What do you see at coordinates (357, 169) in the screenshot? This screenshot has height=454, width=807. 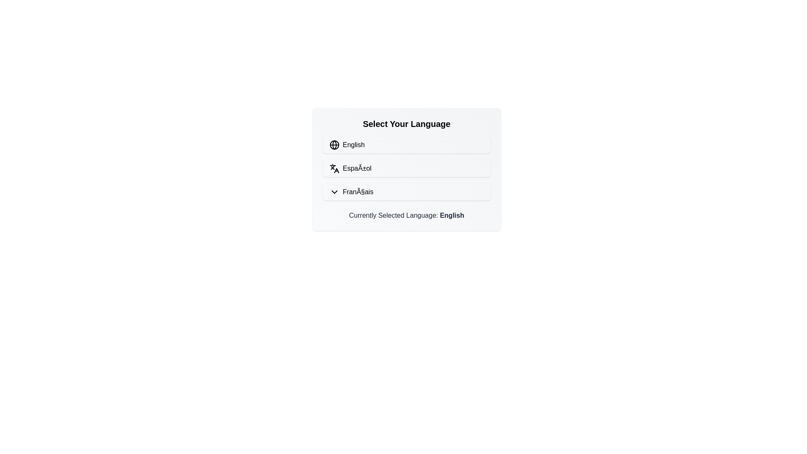 I see `the Spanish language option Text Label which is positioned to the right of a language icon and between 'English' and 'Français'` at bounding box center [357, 169].